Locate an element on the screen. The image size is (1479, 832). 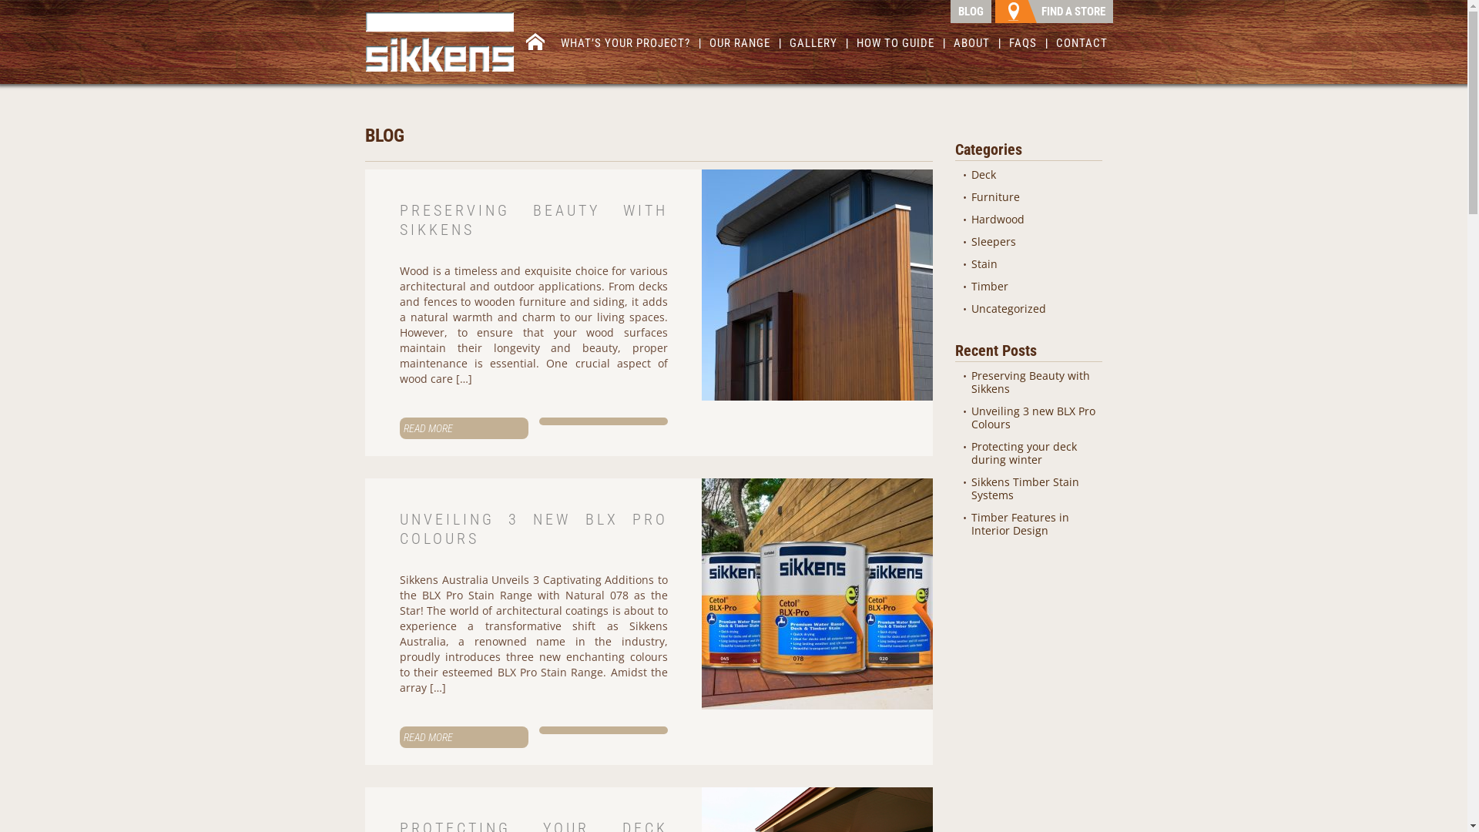
'PRESERVING BEAUTY WITH SIKKENS' is located at coordinates (399, 220).